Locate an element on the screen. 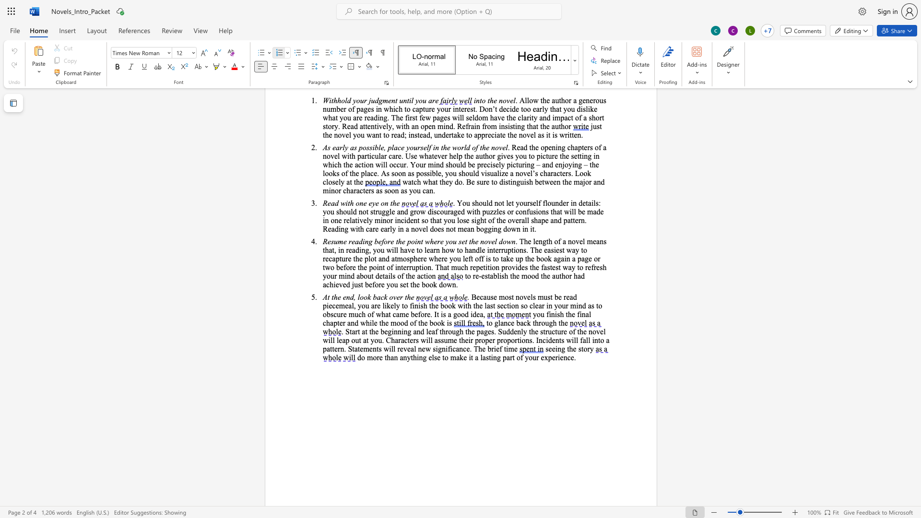  the space between the continuous character "-" and "e" in the text is located at coordinates (481, 276).